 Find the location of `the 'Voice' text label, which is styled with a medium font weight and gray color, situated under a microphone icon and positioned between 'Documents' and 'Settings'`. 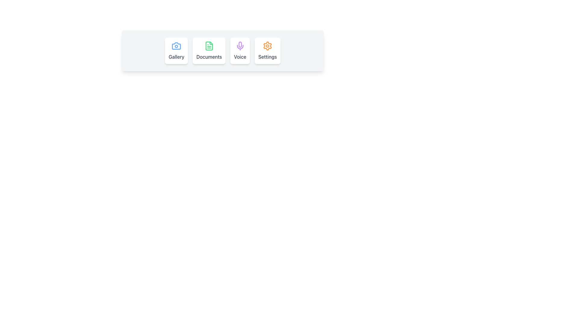

the 'Voice' text label, which is styled with a medium font weight and gray color, situated under a microphone icon and positioned between 'Documents' and 'Settings' is located at coordinates (240, 57).